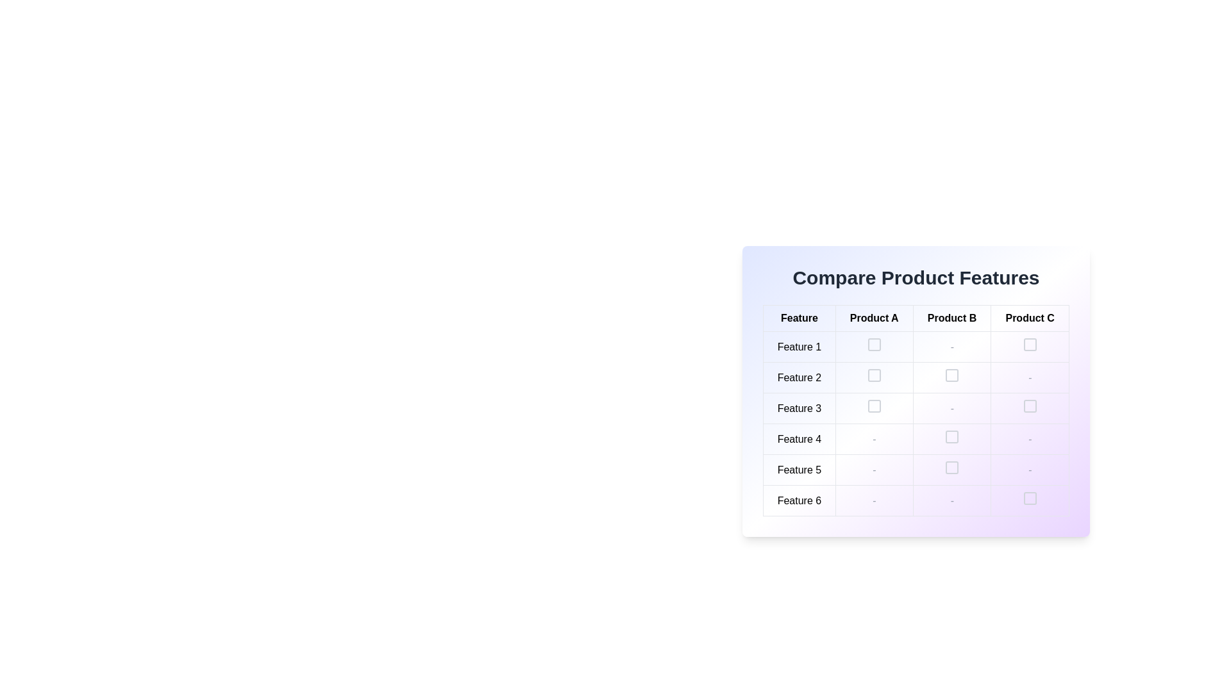 The height and width of the screenshot is (692, 1231). What do you see at coordinates (873, 375) in the screenshot?
I see `the empty checkbox in the 'Product A' column aligned with the 'Feature 2' row` at bounding box center [873, 375].